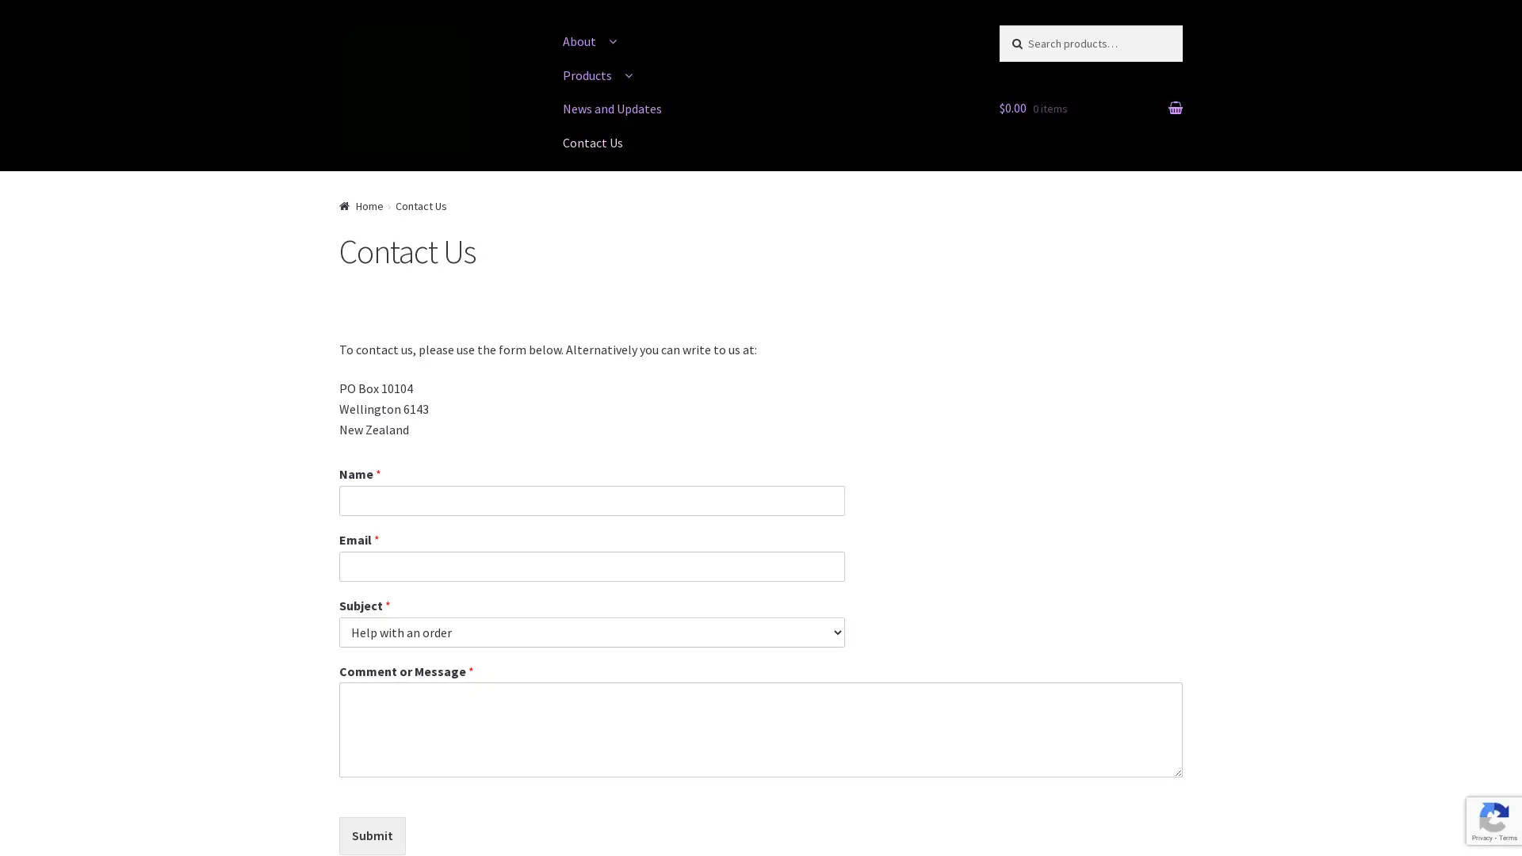 This screenshot has height=856, width=1522. What do you see at coordinates (1031, 40) in the screenshot?
I see `Search` at bounding box center [1031, 40].